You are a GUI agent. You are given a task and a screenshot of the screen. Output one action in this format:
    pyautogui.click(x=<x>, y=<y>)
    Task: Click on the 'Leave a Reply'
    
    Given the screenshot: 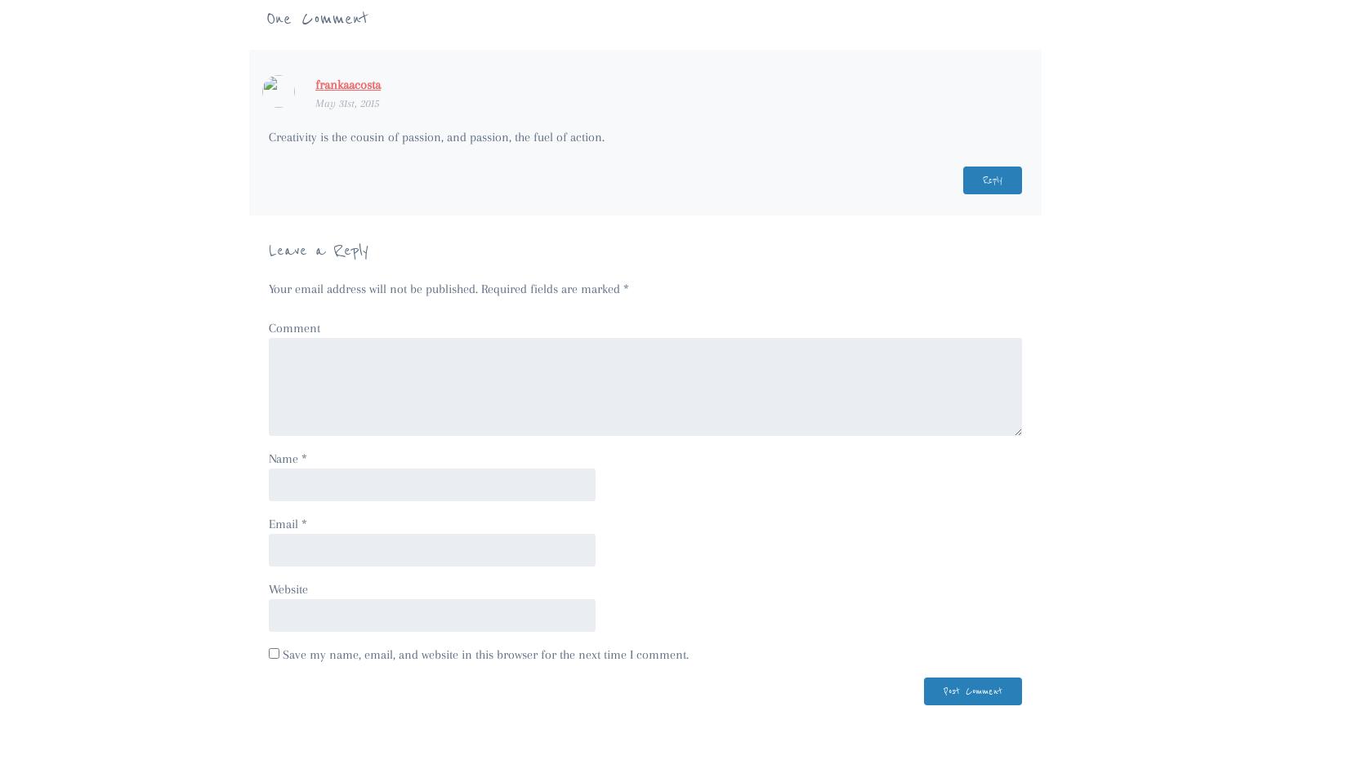 What is the action you would take?
    pyautogui.click(x=269, y=250)
    